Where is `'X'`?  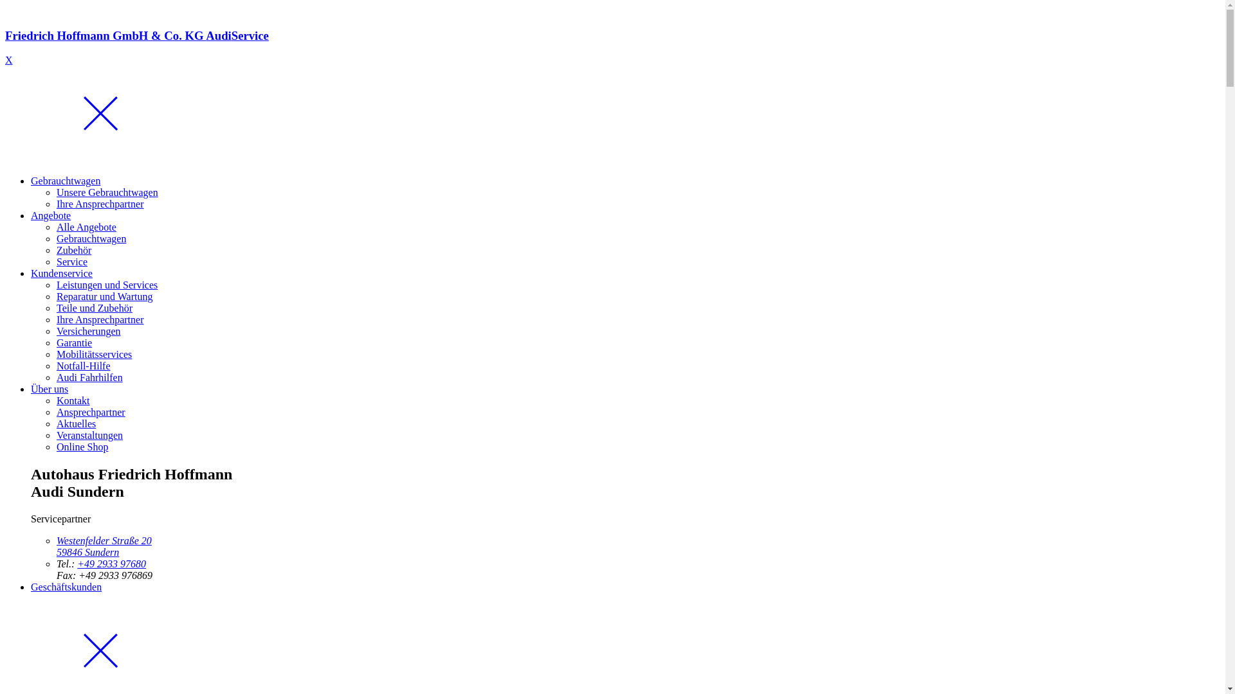 'X' is located at coordinates (9, 60).